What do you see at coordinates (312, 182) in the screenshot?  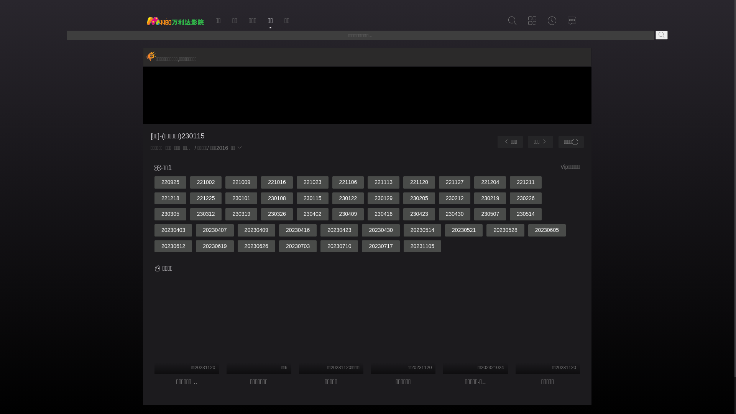 I see `'221023'` at bounding box center [312, 182].